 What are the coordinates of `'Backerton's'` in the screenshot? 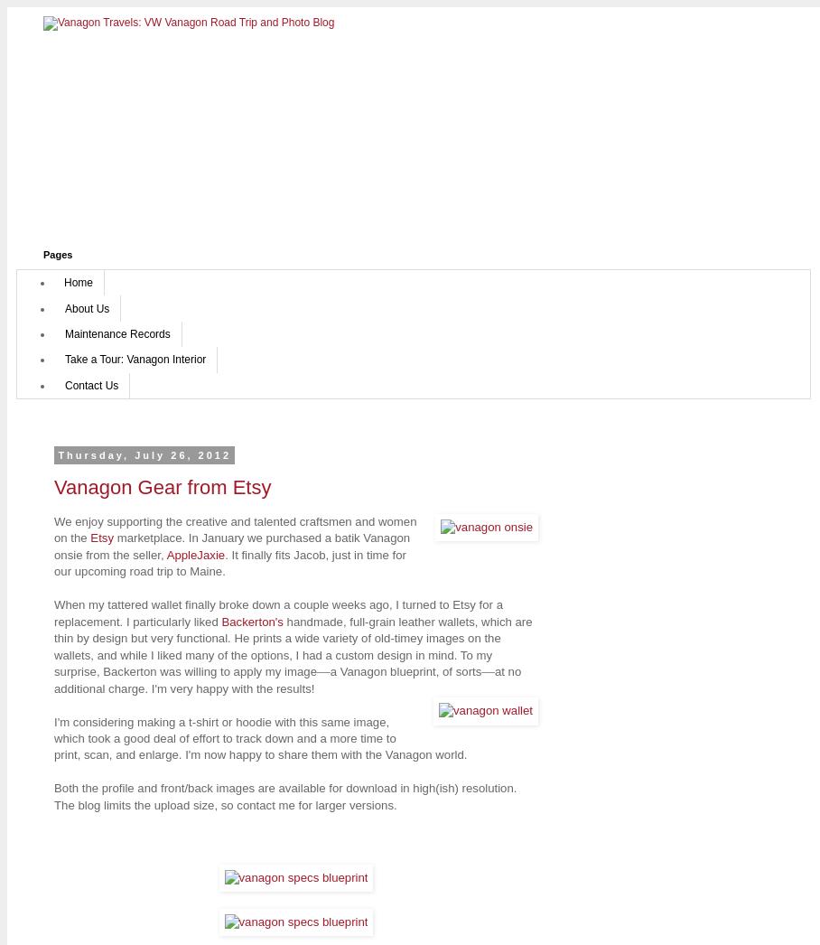 It's located at (252, 621).